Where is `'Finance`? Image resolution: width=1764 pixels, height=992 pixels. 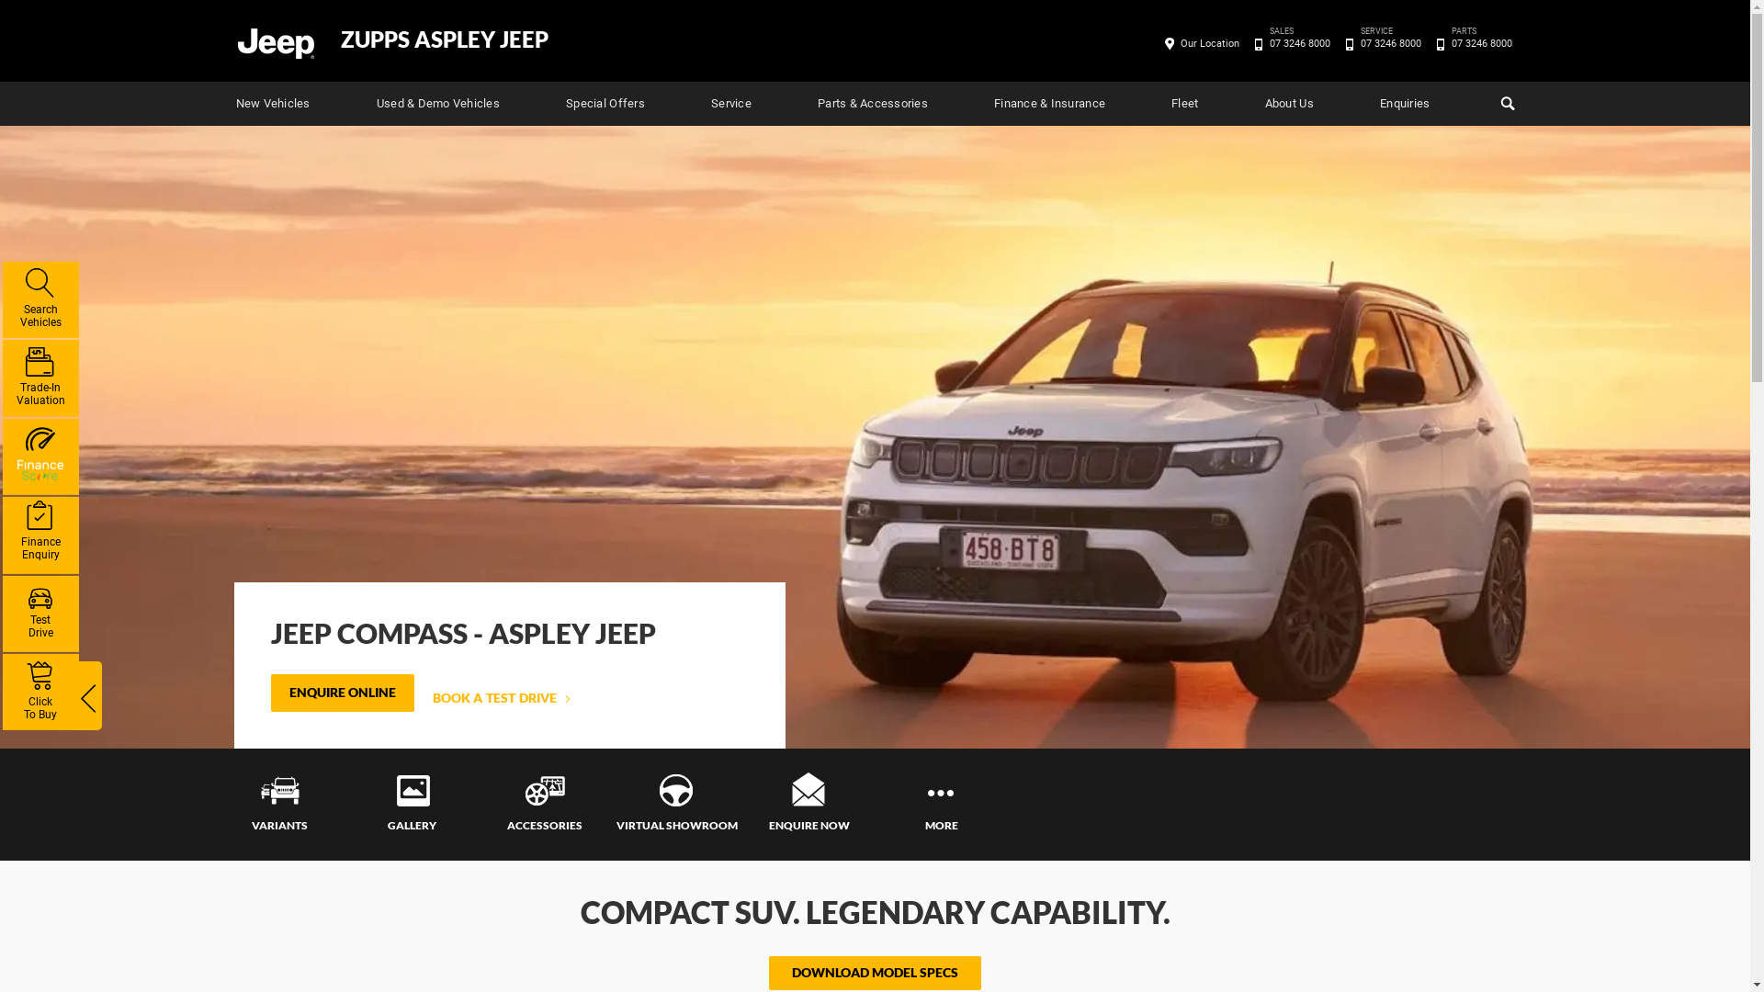
'Finance is located at coordinates (40, 535).